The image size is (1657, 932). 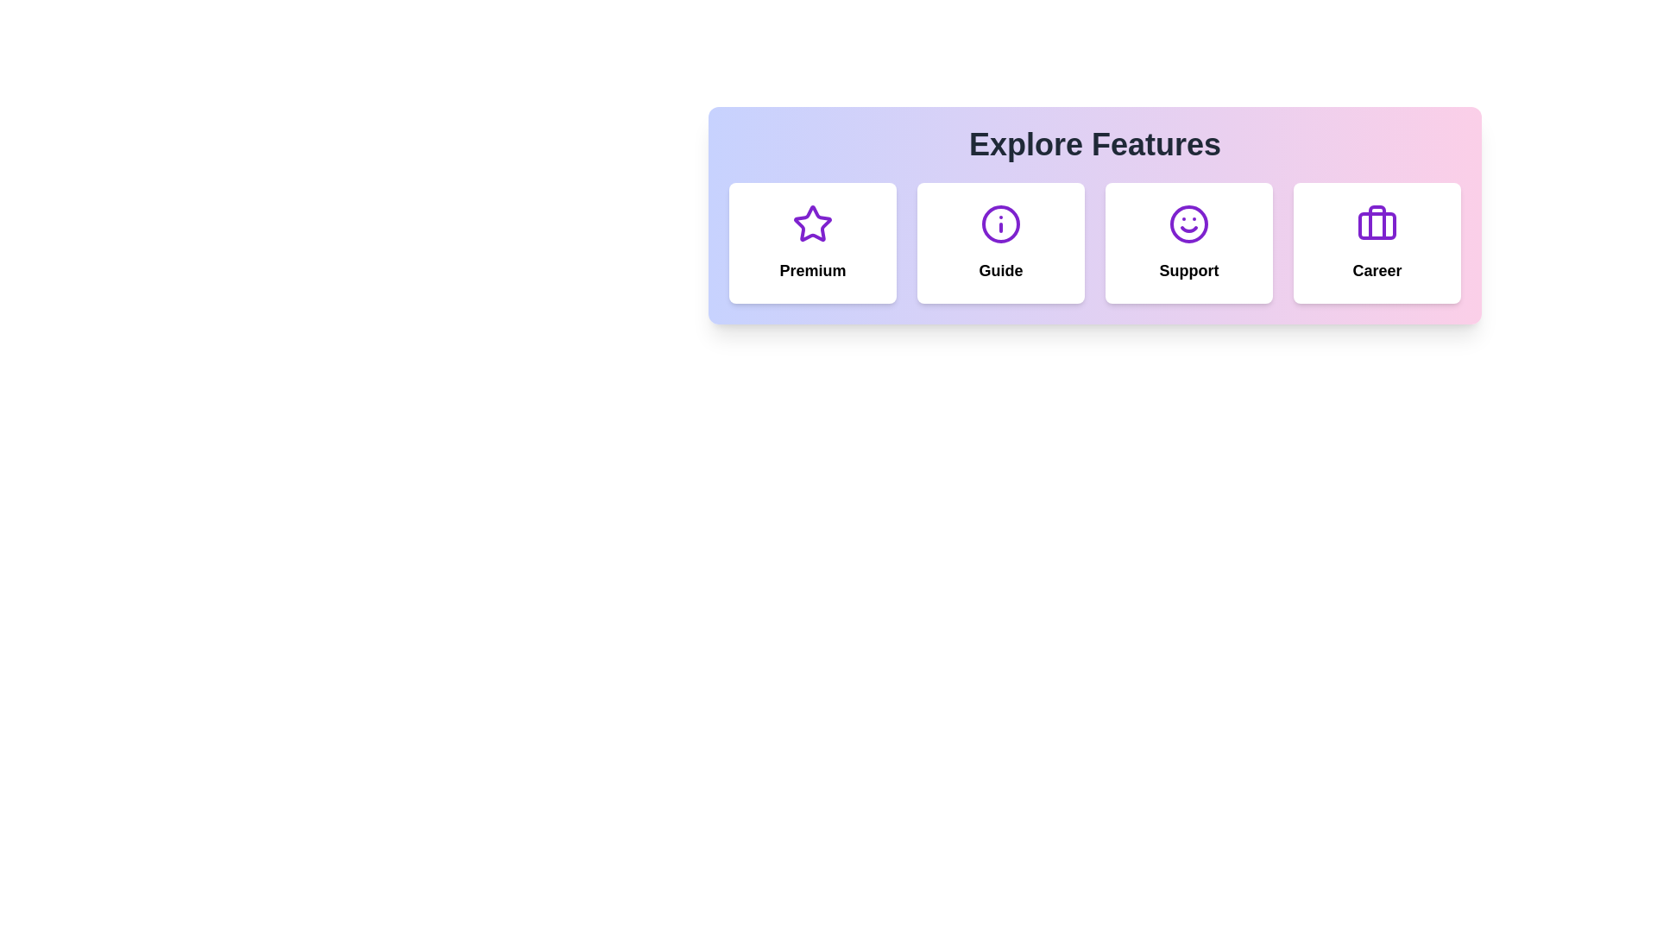 I want to click on the static text or heading that serves as a title for the section above the grid of interactive cards labeled 'Premium', 'Guide', 'Support', and 'Career', so click(x=1093, y=144).